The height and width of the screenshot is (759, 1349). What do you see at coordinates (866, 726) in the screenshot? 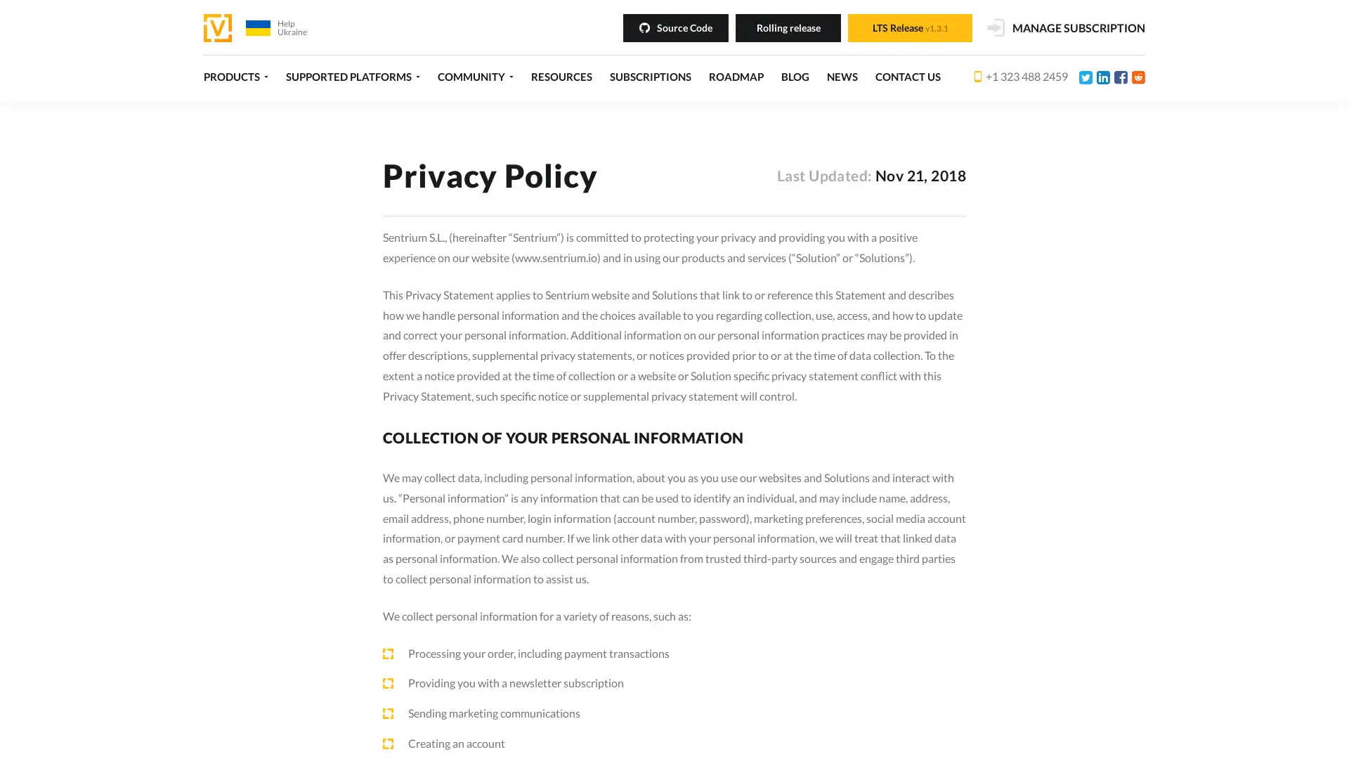
I see `Accept` at bounding box center [866, 726].